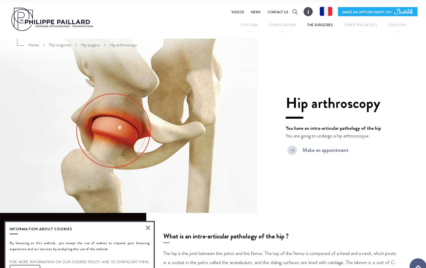 The height and width of the screenshot is (268, 426). What do you see at coordinates (241, 71) in the screenshot?
I see `'Elbow arthrolysis'` at bounding box center [241, 71].